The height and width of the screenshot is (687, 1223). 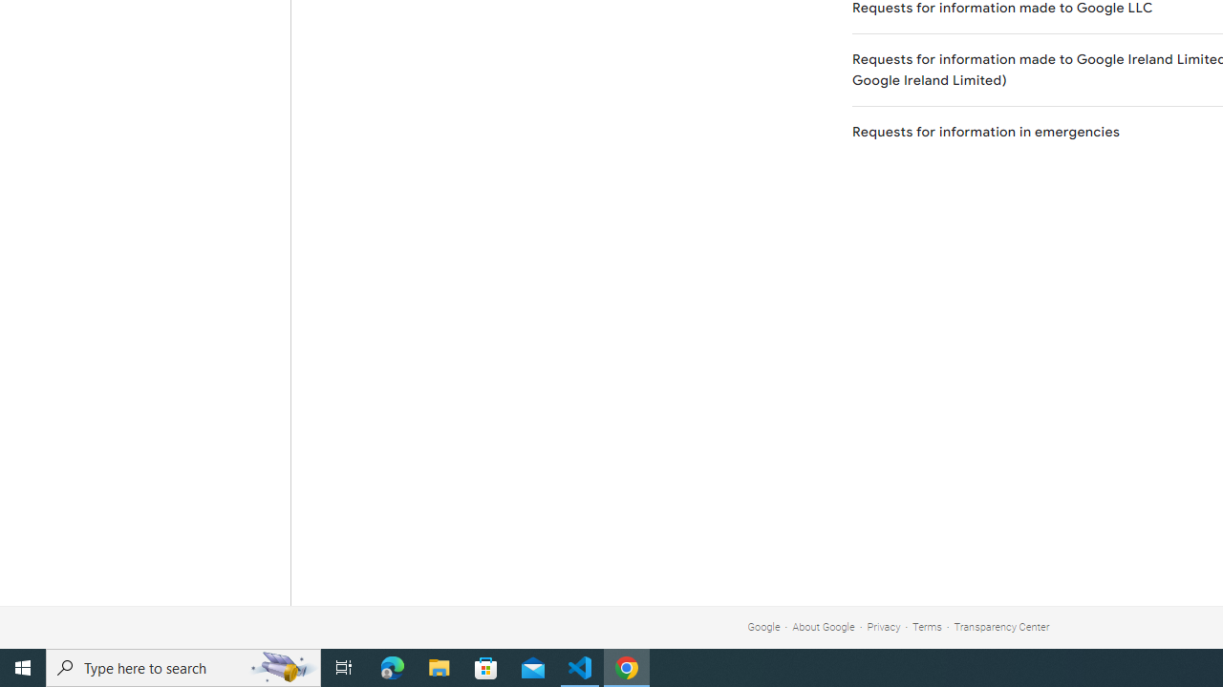 I want to click on 'About Google', so click(x=824, y=627).